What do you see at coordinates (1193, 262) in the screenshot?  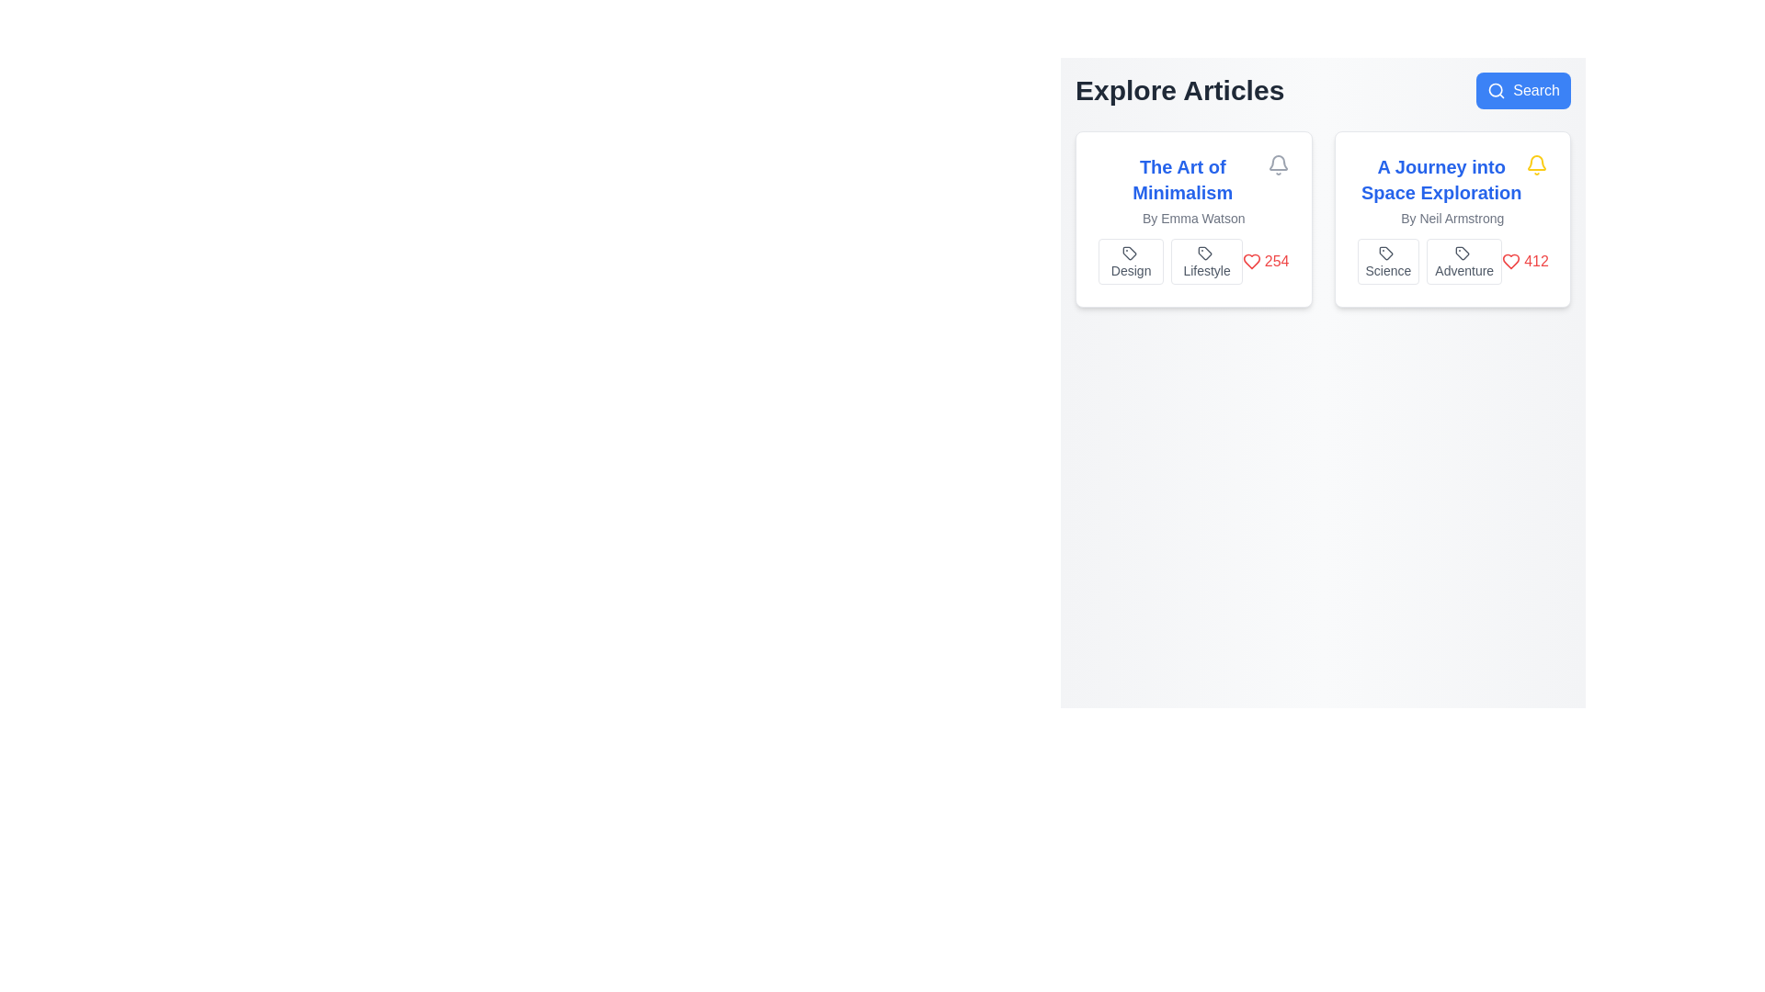 I see `the information associated with the 'Lifestyle' tag label that contains an icon resembling a tag, positioned next to the 'Design' label and adjacent to a red 'heart' icon with the number '254'` at bounding box center [1193, 262].